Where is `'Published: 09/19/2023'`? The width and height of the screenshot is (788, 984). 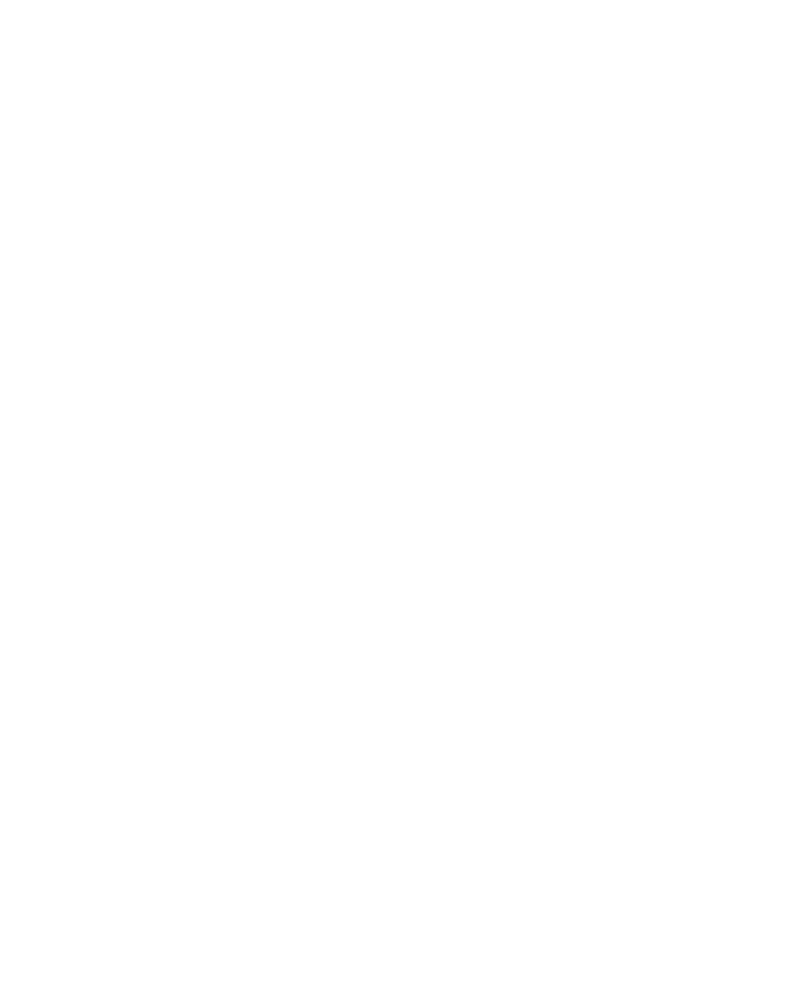
'Published: 09/19/2023' is located at coordinates (395, 963).